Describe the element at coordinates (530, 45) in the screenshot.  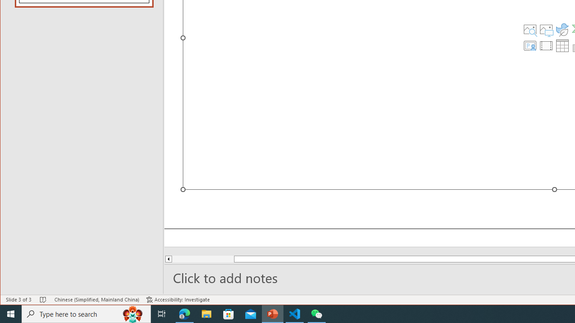
I see `'Insert Cameo'` at that location.